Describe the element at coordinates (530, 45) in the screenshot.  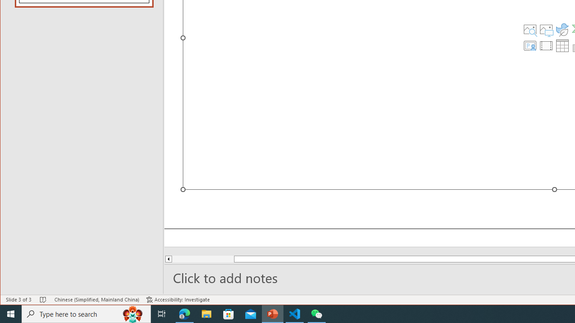
I see `'Insert Cameo'` at that location.